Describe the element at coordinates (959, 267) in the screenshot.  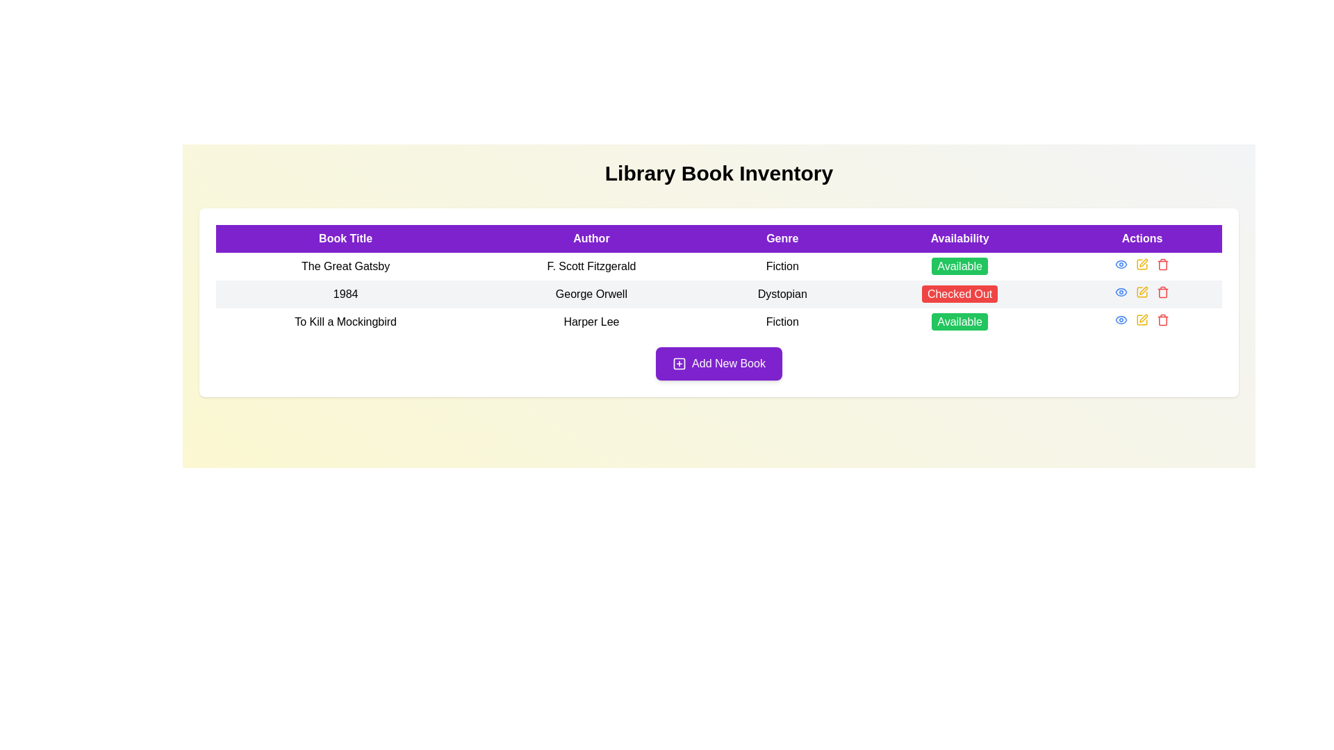
I see `the availability status button for 'The Great Gatsby' in the 'Library Book Inventory' interface, located in the first row of the availability column` at that location.